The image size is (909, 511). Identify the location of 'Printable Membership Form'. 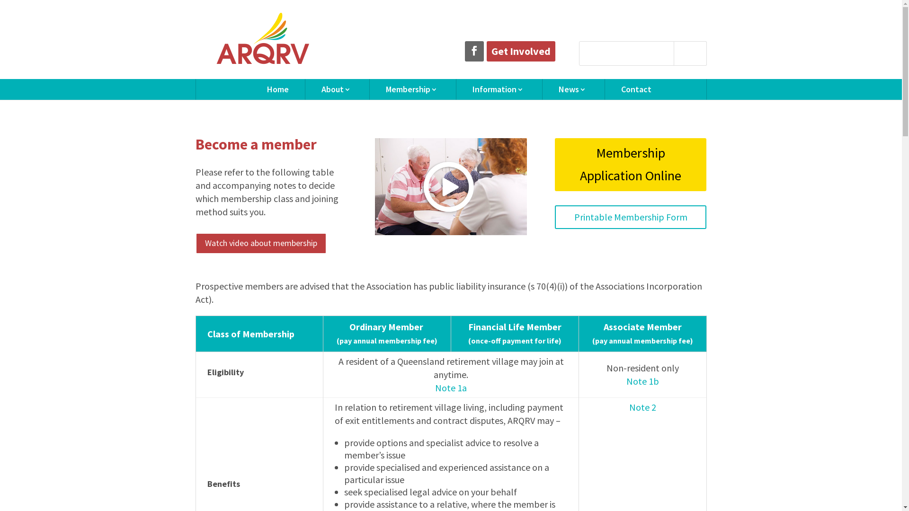
(631, 217).